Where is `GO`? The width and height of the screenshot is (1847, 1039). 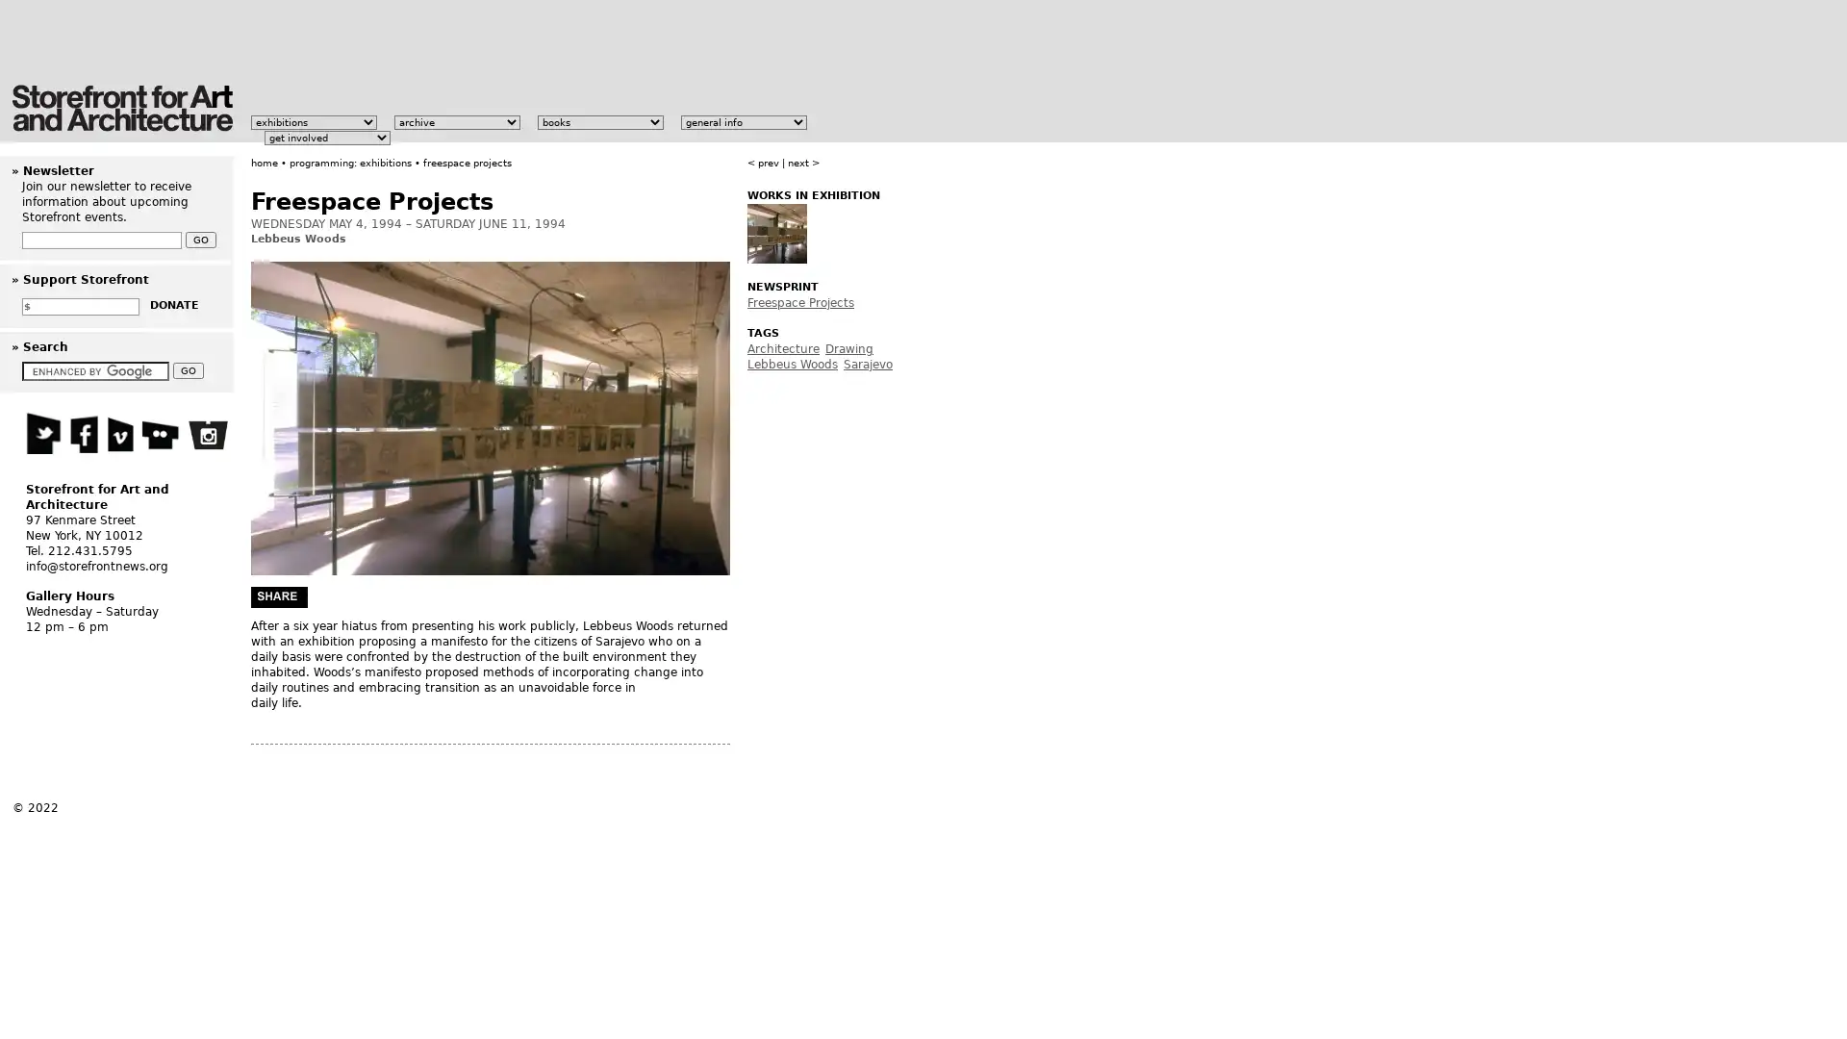
GO is located at coordinates (189, 370).